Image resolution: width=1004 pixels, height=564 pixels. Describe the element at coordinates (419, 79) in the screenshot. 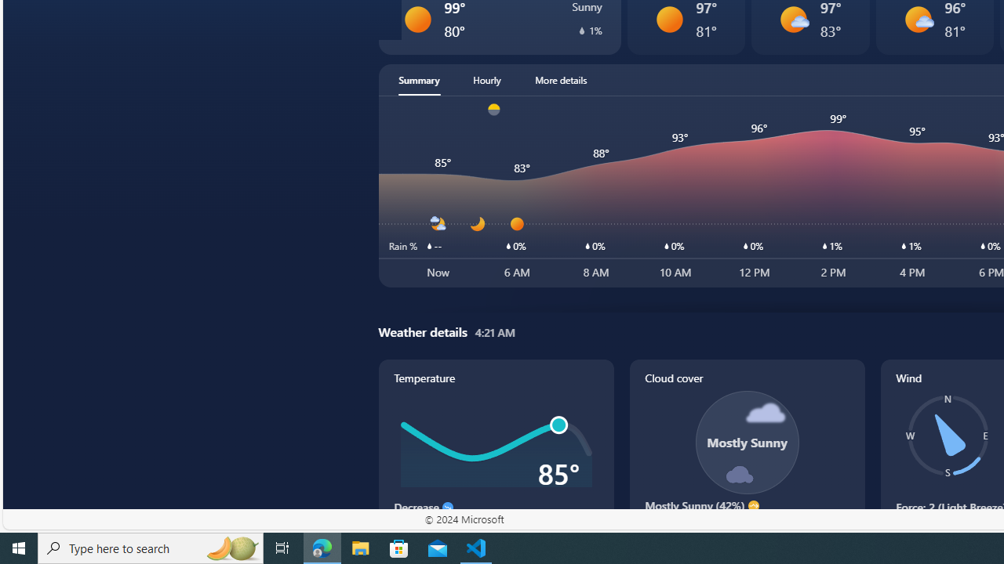

I see `'Summary'` at that location.